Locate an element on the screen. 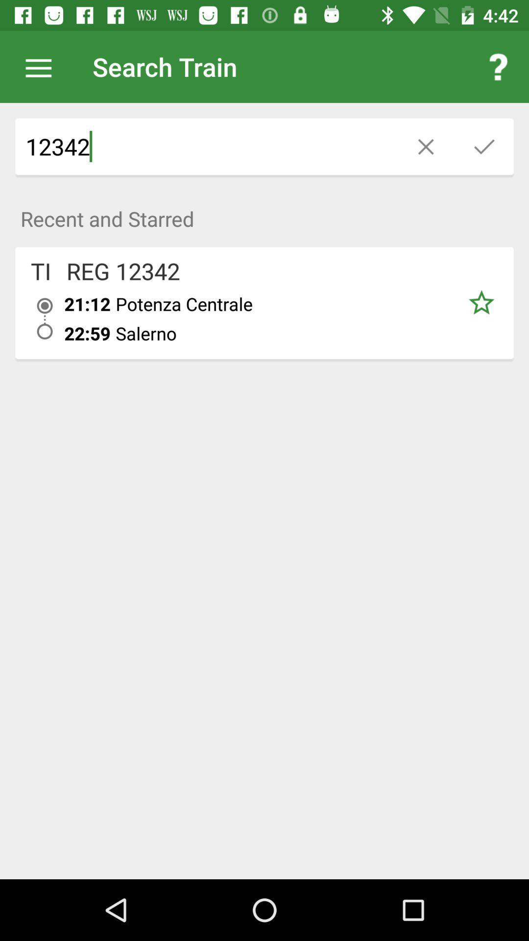  the close icon is located at coordinates (425, 146).